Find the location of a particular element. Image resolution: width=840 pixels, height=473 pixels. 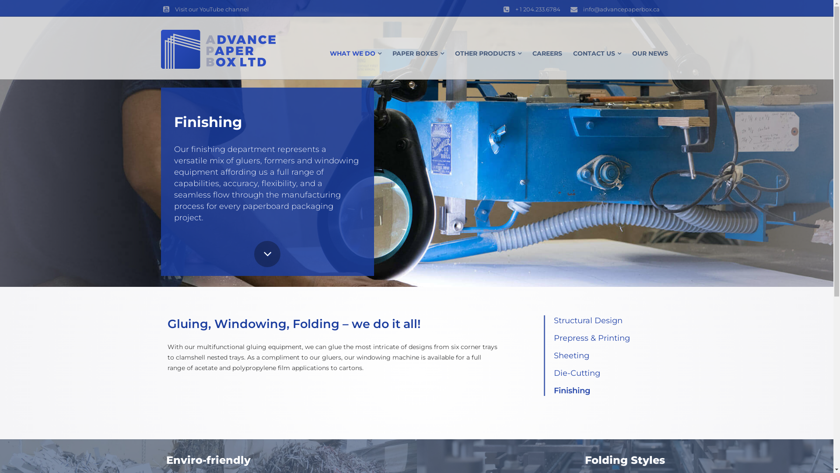

'CONTACT US' is located at coordinates (596, 53).